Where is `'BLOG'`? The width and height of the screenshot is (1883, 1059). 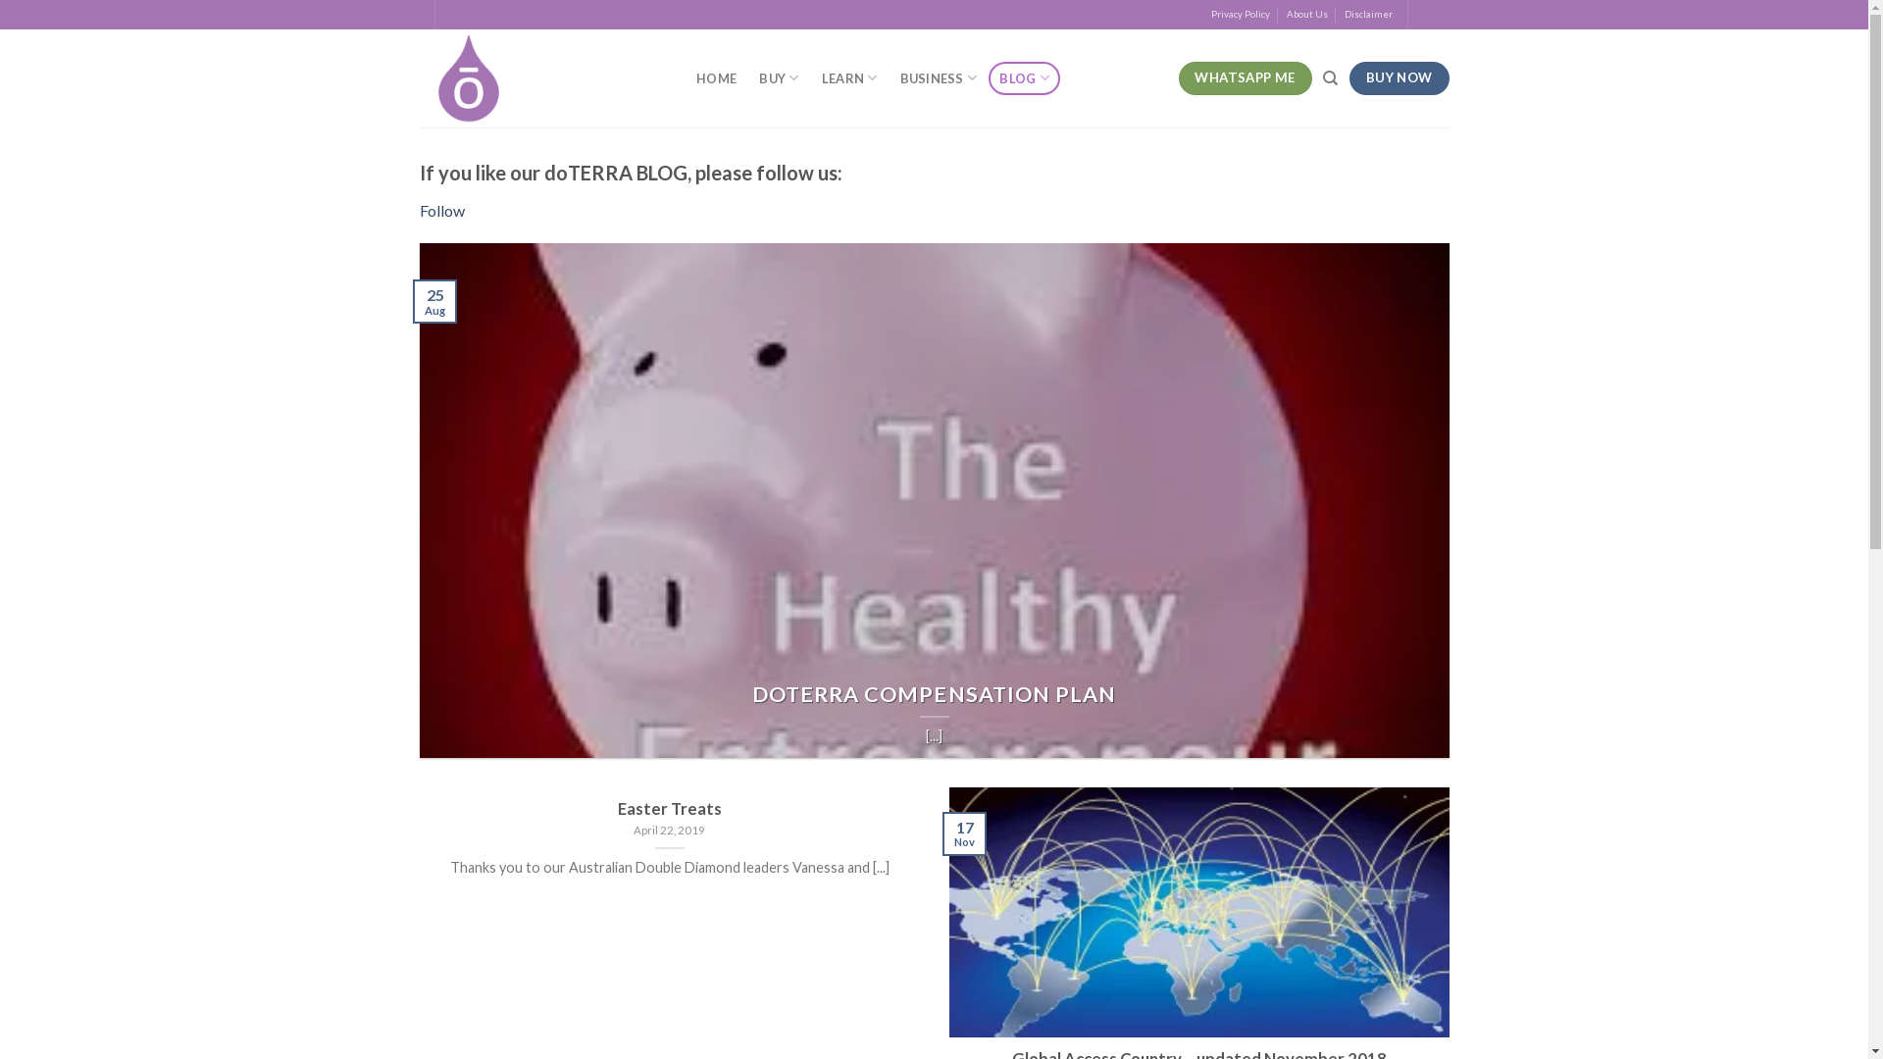 'BLOG' is located at coordinates (1024, 77).